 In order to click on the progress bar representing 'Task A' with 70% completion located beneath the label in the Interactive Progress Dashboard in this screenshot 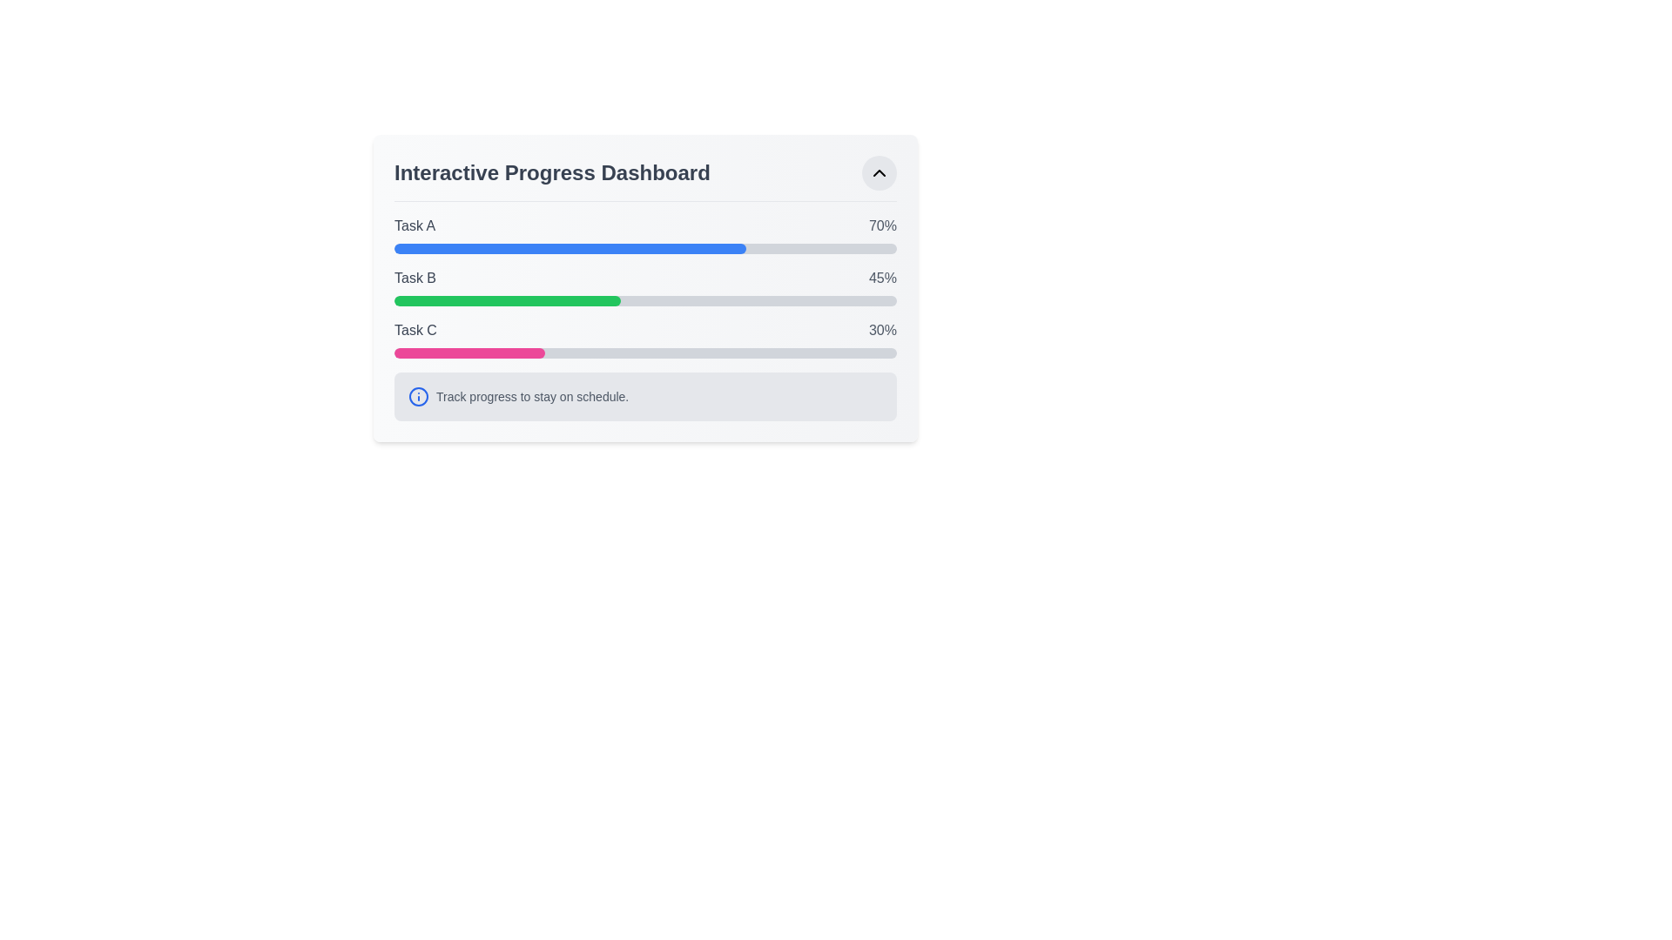, I will do `click(644, 248)`.